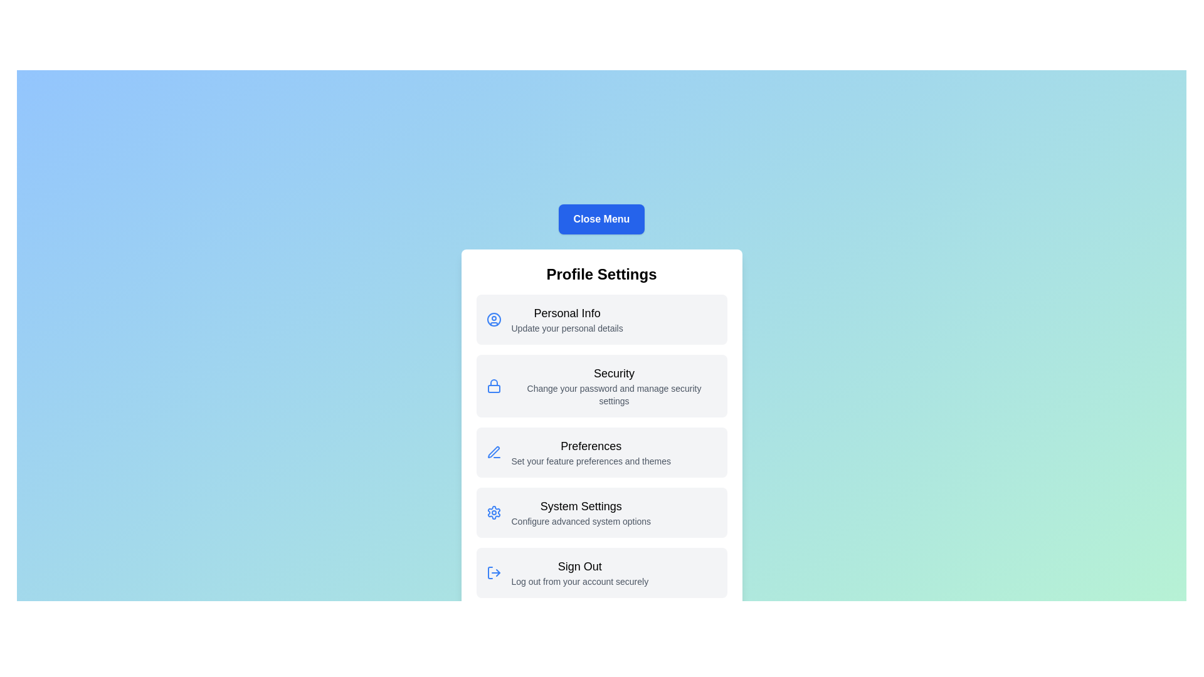 This screenshot has height=677, width=1204. What do you see at coordinates (601, 512) in the screenshot?
I see `the menu item labeled System Settings for detailed actions` at bounding box center [601, 512].